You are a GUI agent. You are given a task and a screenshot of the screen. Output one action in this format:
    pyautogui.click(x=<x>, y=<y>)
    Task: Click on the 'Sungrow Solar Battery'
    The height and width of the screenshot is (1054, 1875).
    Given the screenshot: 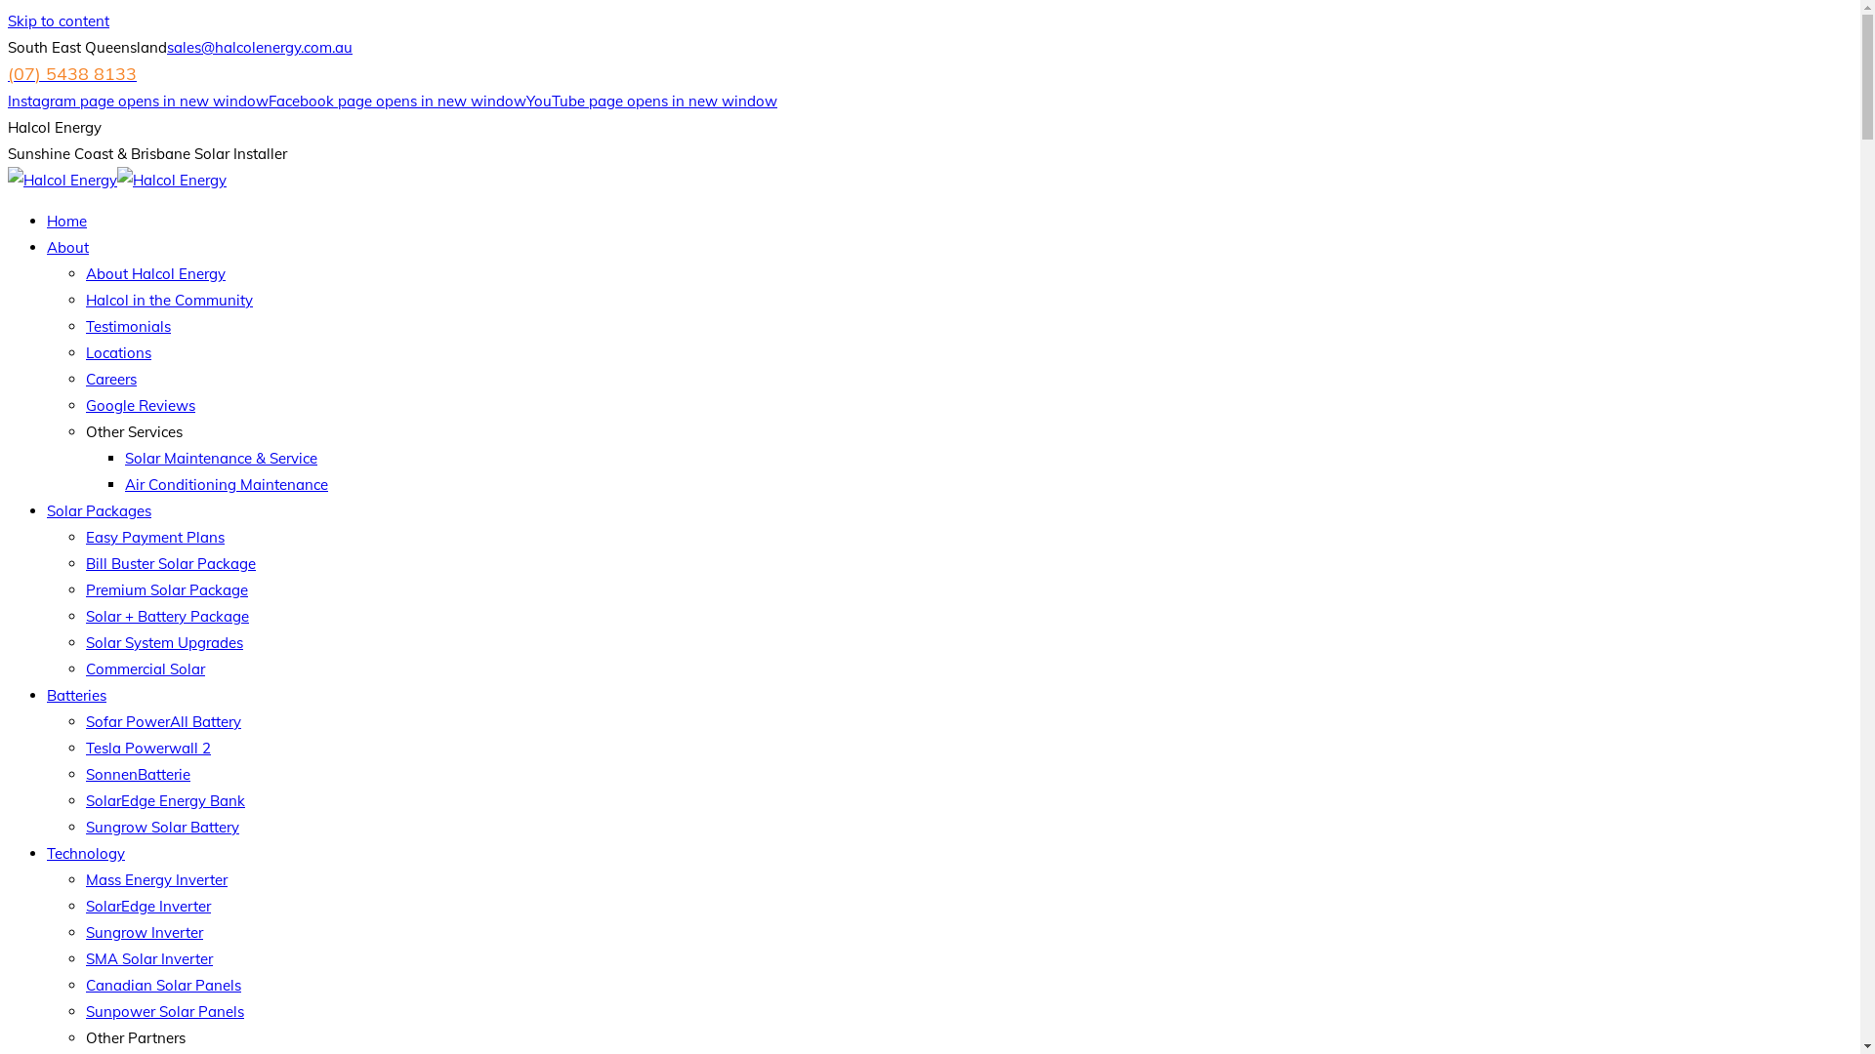 What is the action you would take?
    pyautogui.click(x=162, y=827)
    